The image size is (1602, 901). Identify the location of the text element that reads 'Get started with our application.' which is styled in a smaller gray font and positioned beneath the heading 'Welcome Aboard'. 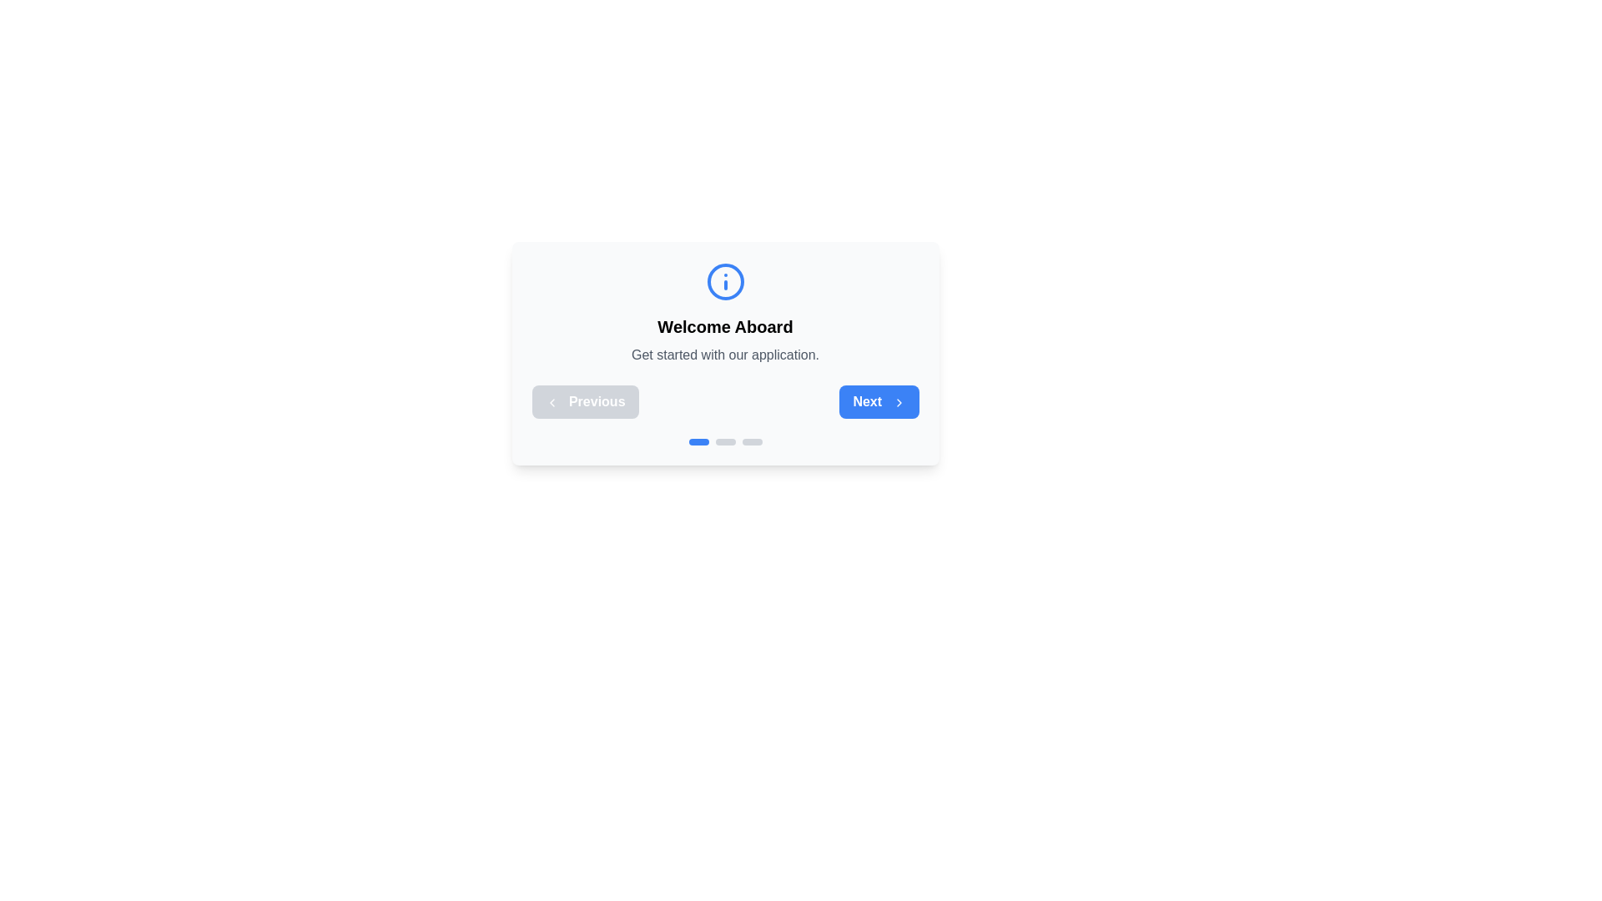
(725, 354).